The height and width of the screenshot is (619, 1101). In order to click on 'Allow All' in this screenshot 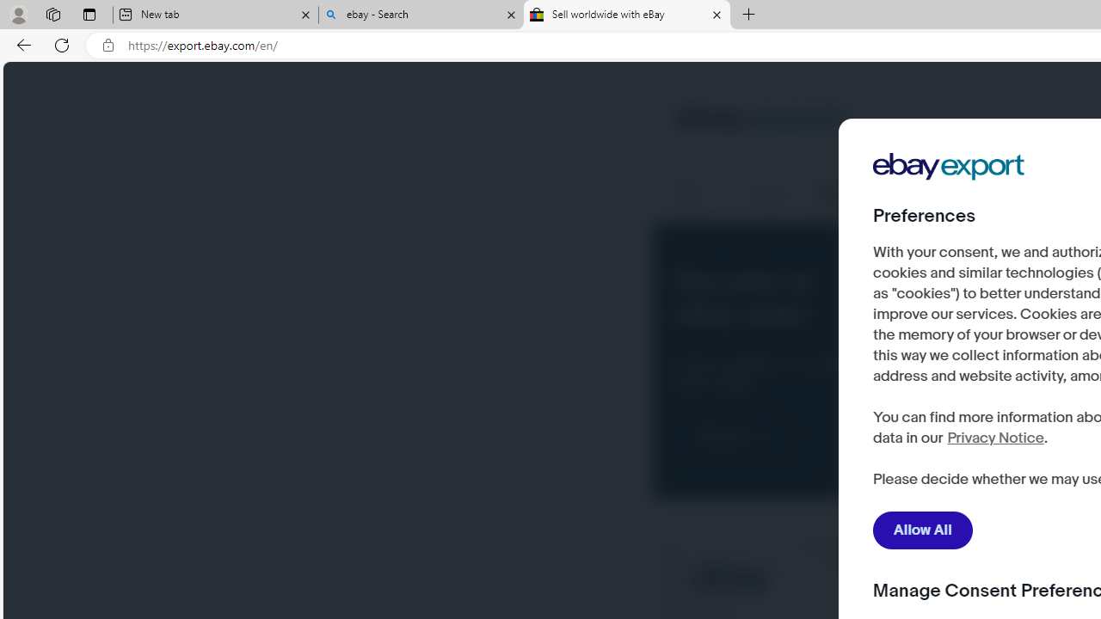, I will do `click(922, 530)`.